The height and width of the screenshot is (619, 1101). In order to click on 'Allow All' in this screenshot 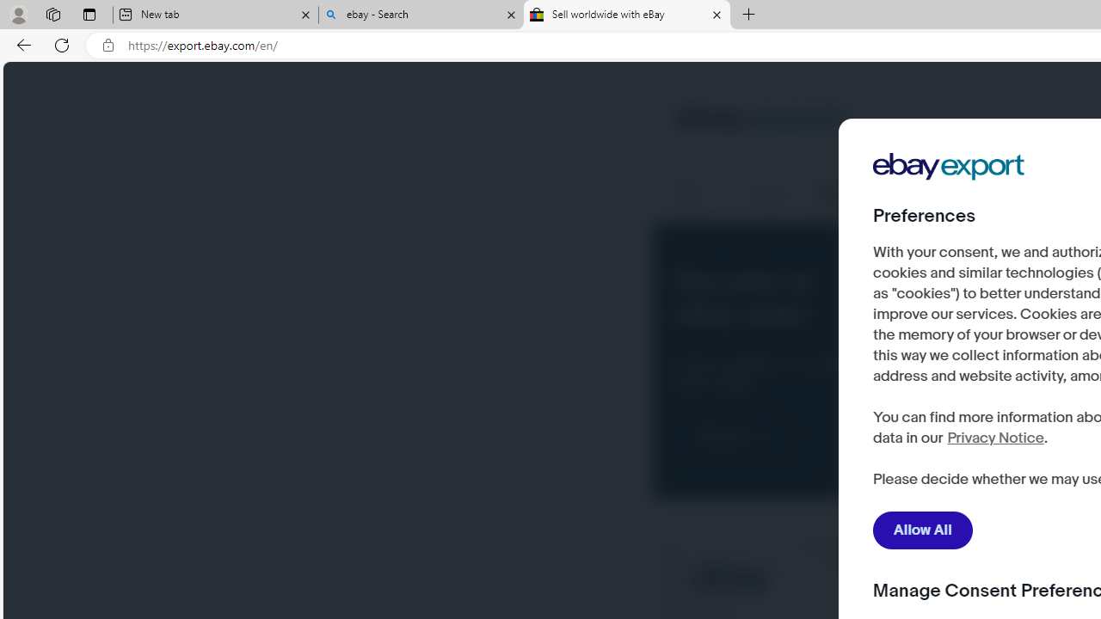, I will do `click(922, 530)`.